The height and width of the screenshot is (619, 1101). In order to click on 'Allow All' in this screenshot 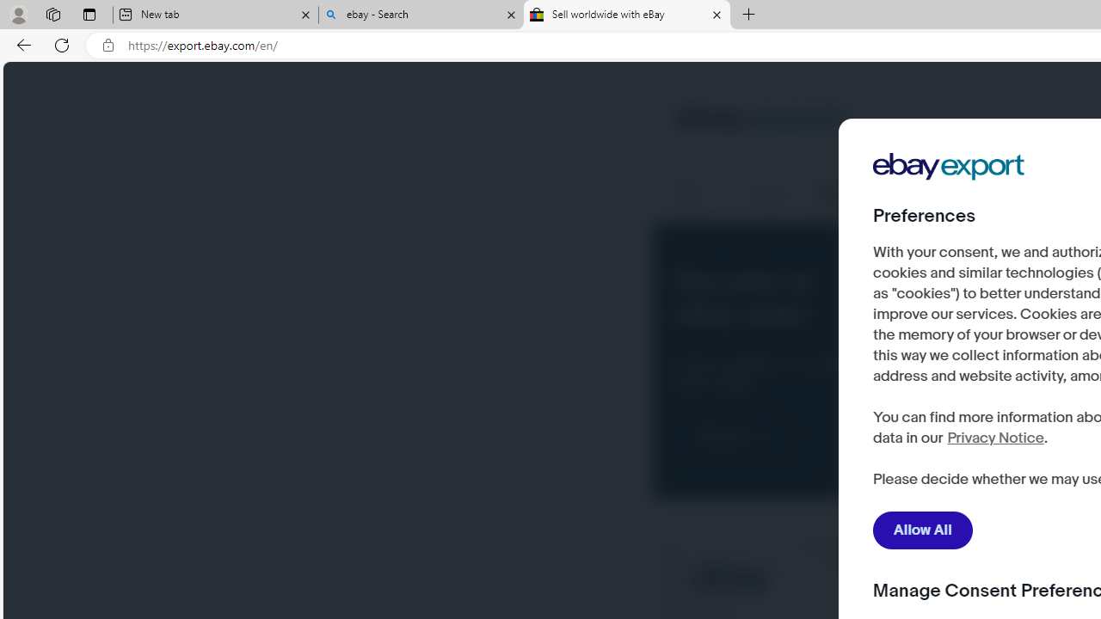, I will do `click(922, 530)`.